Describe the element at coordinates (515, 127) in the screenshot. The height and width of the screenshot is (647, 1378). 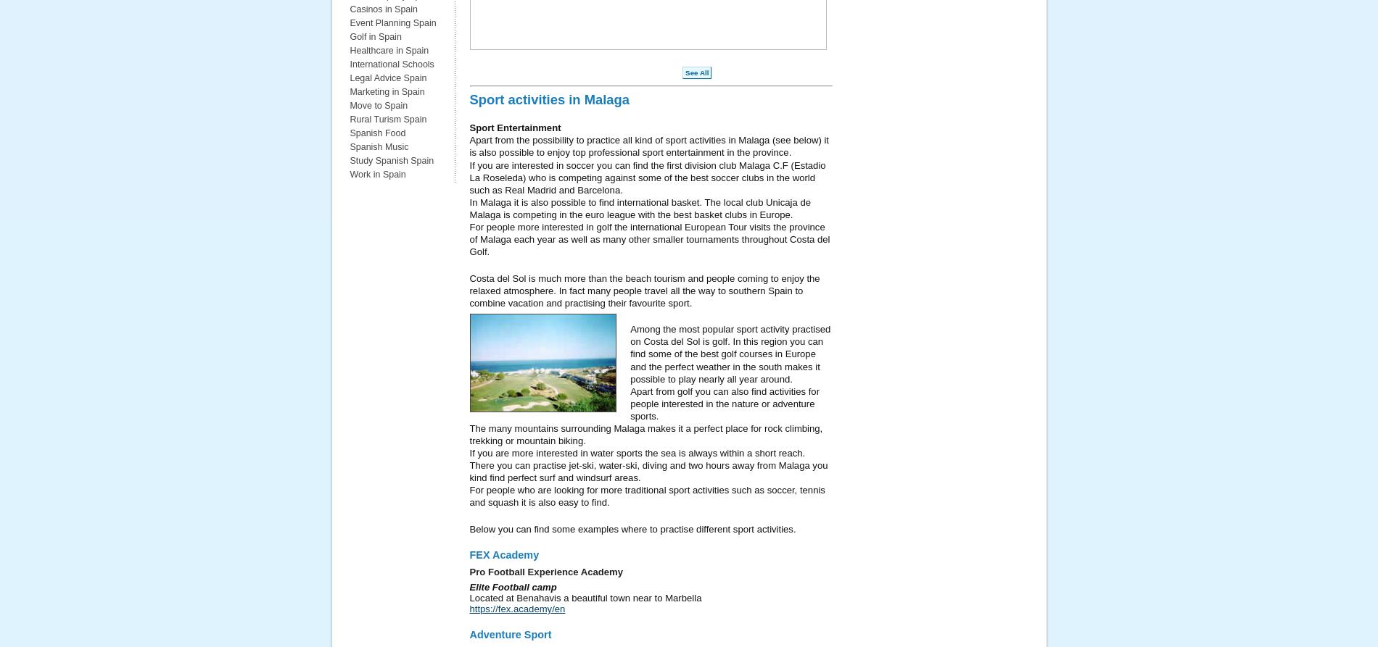
I see `'Sport Entertainment'` at that location.